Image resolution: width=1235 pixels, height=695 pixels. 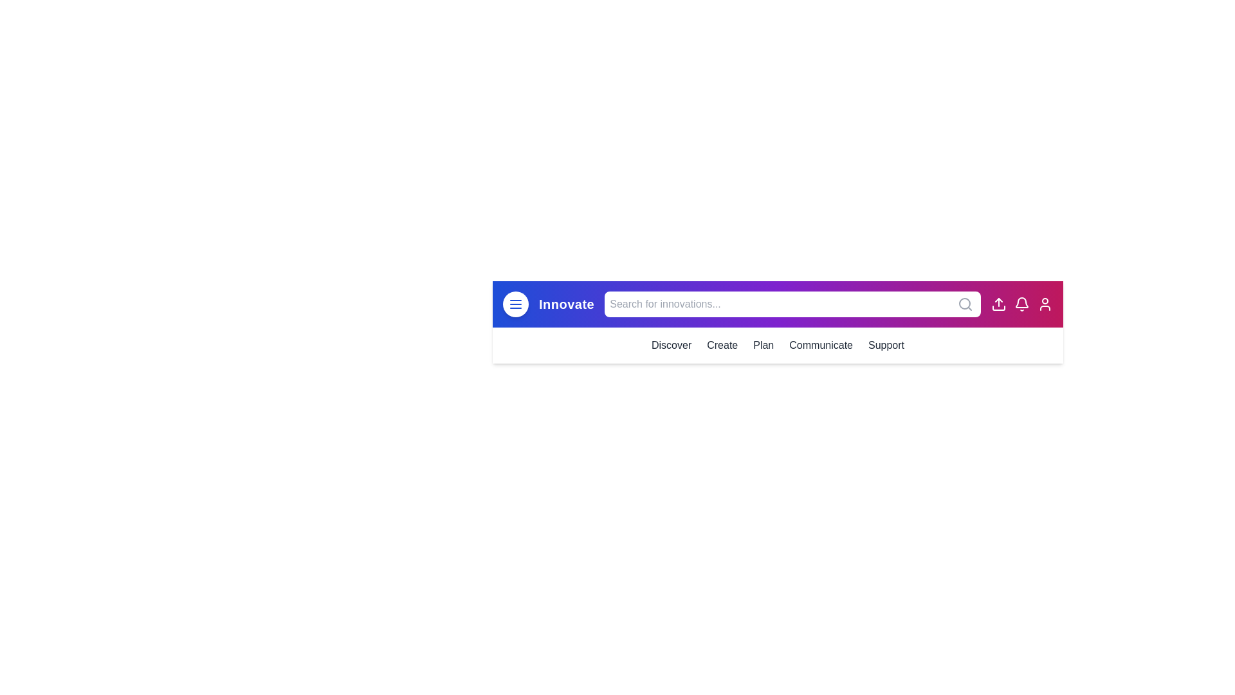 I want to click on the menu item Create, so click(x=722, y=344).